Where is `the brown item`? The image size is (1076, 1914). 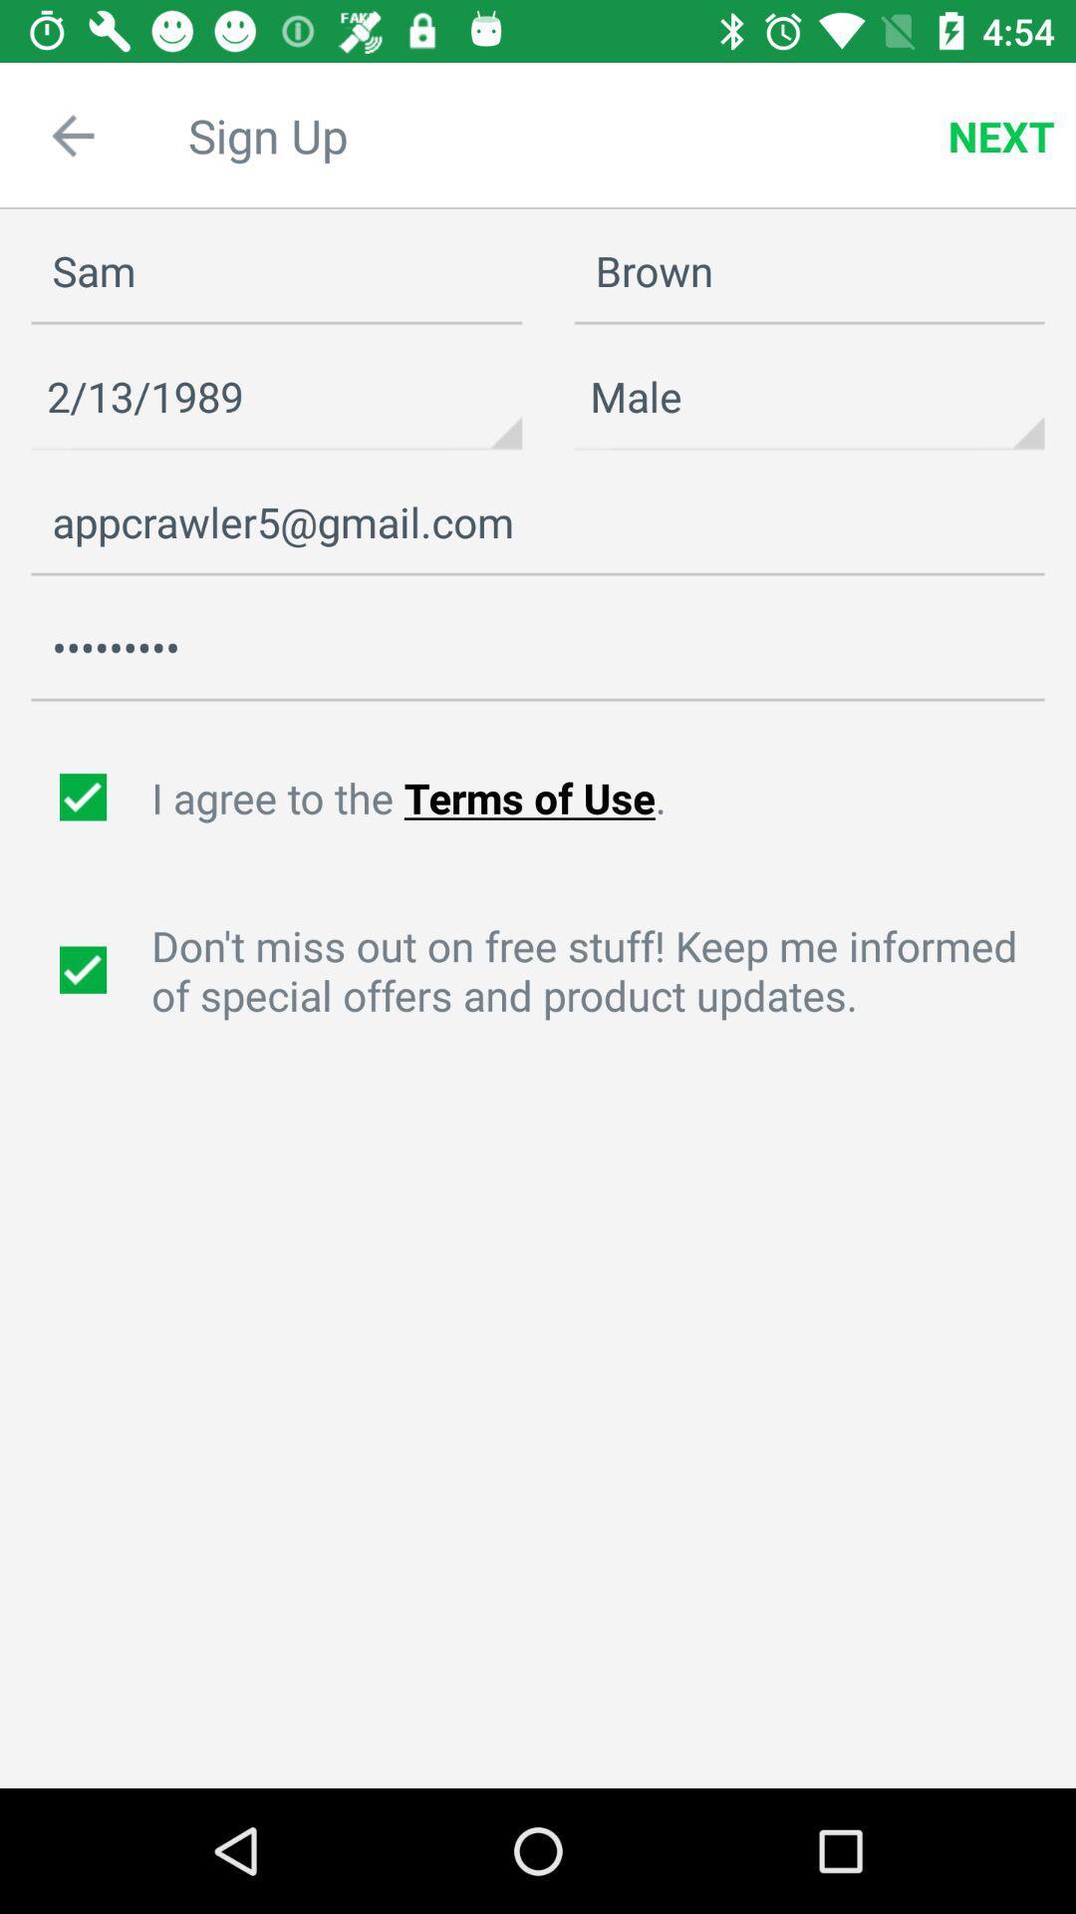
the brown item is located at coordinates (809, 271).